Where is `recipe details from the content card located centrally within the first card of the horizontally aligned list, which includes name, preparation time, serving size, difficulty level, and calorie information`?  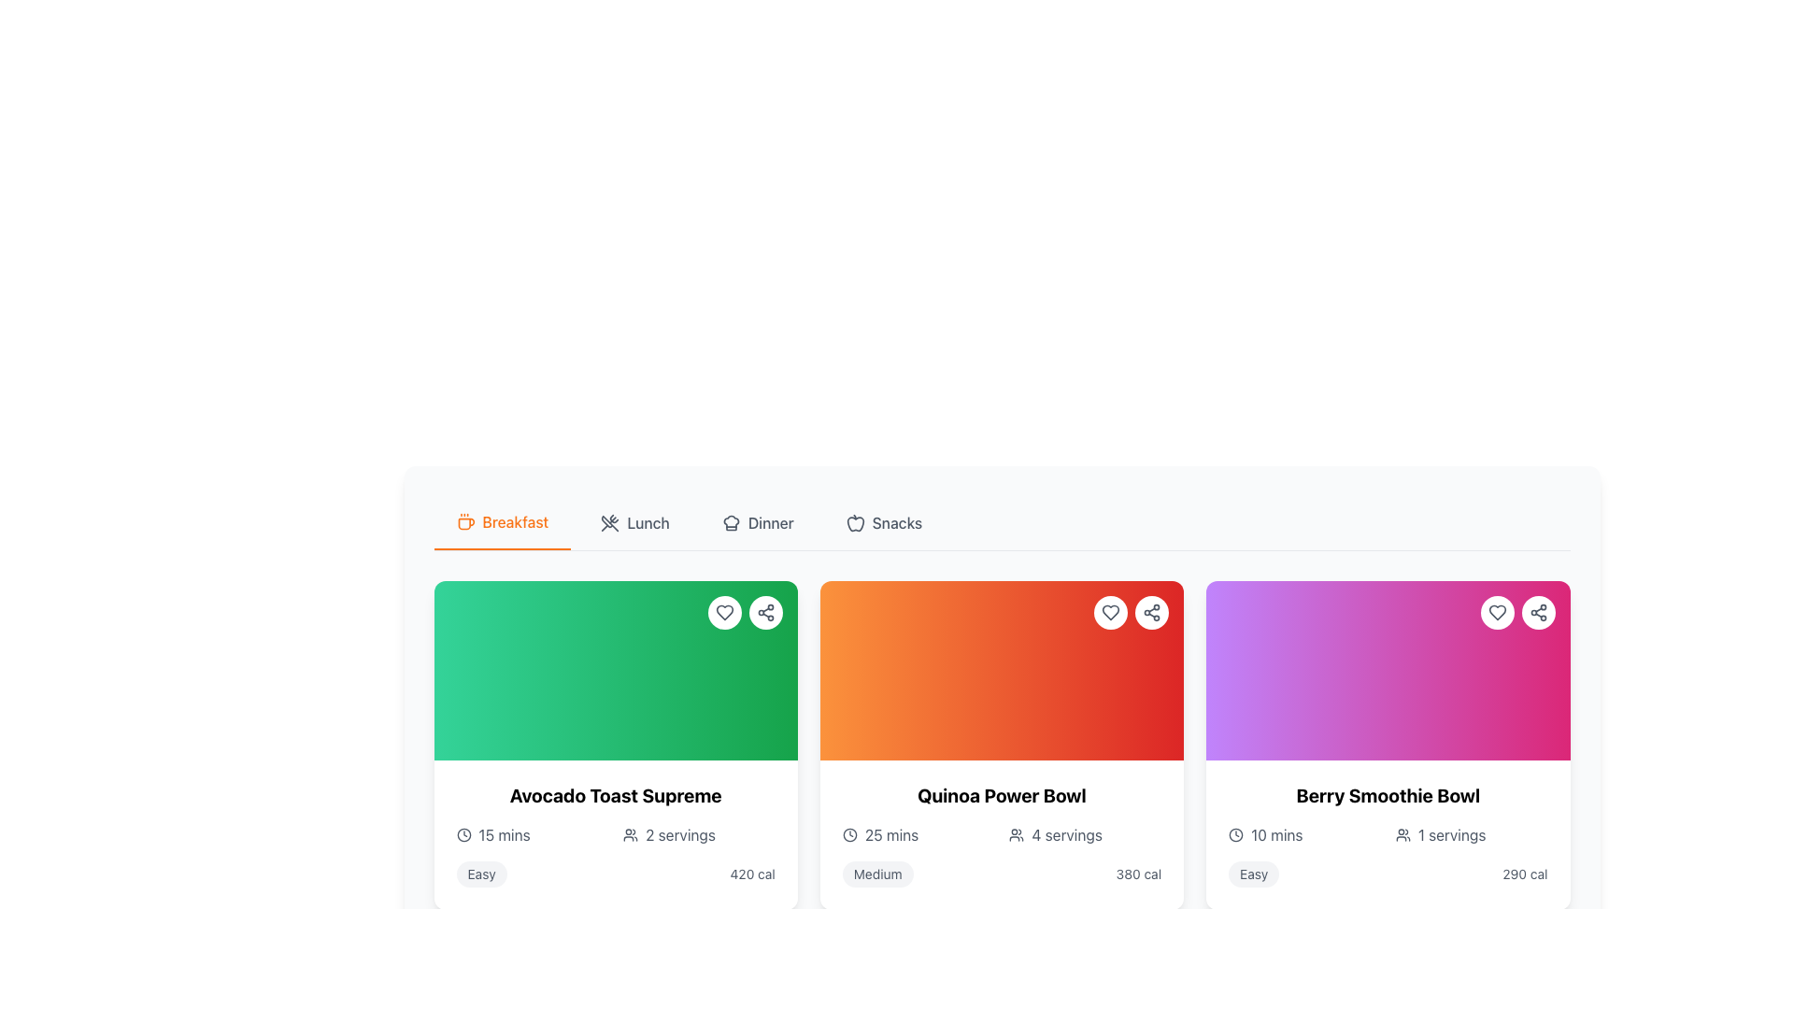 recipe details from the content card located centrally within the first card of the horizontally aligned list, which includes name, preparation time, serving size, difficulty level, and calorie information is located at coordinates (616, 834).